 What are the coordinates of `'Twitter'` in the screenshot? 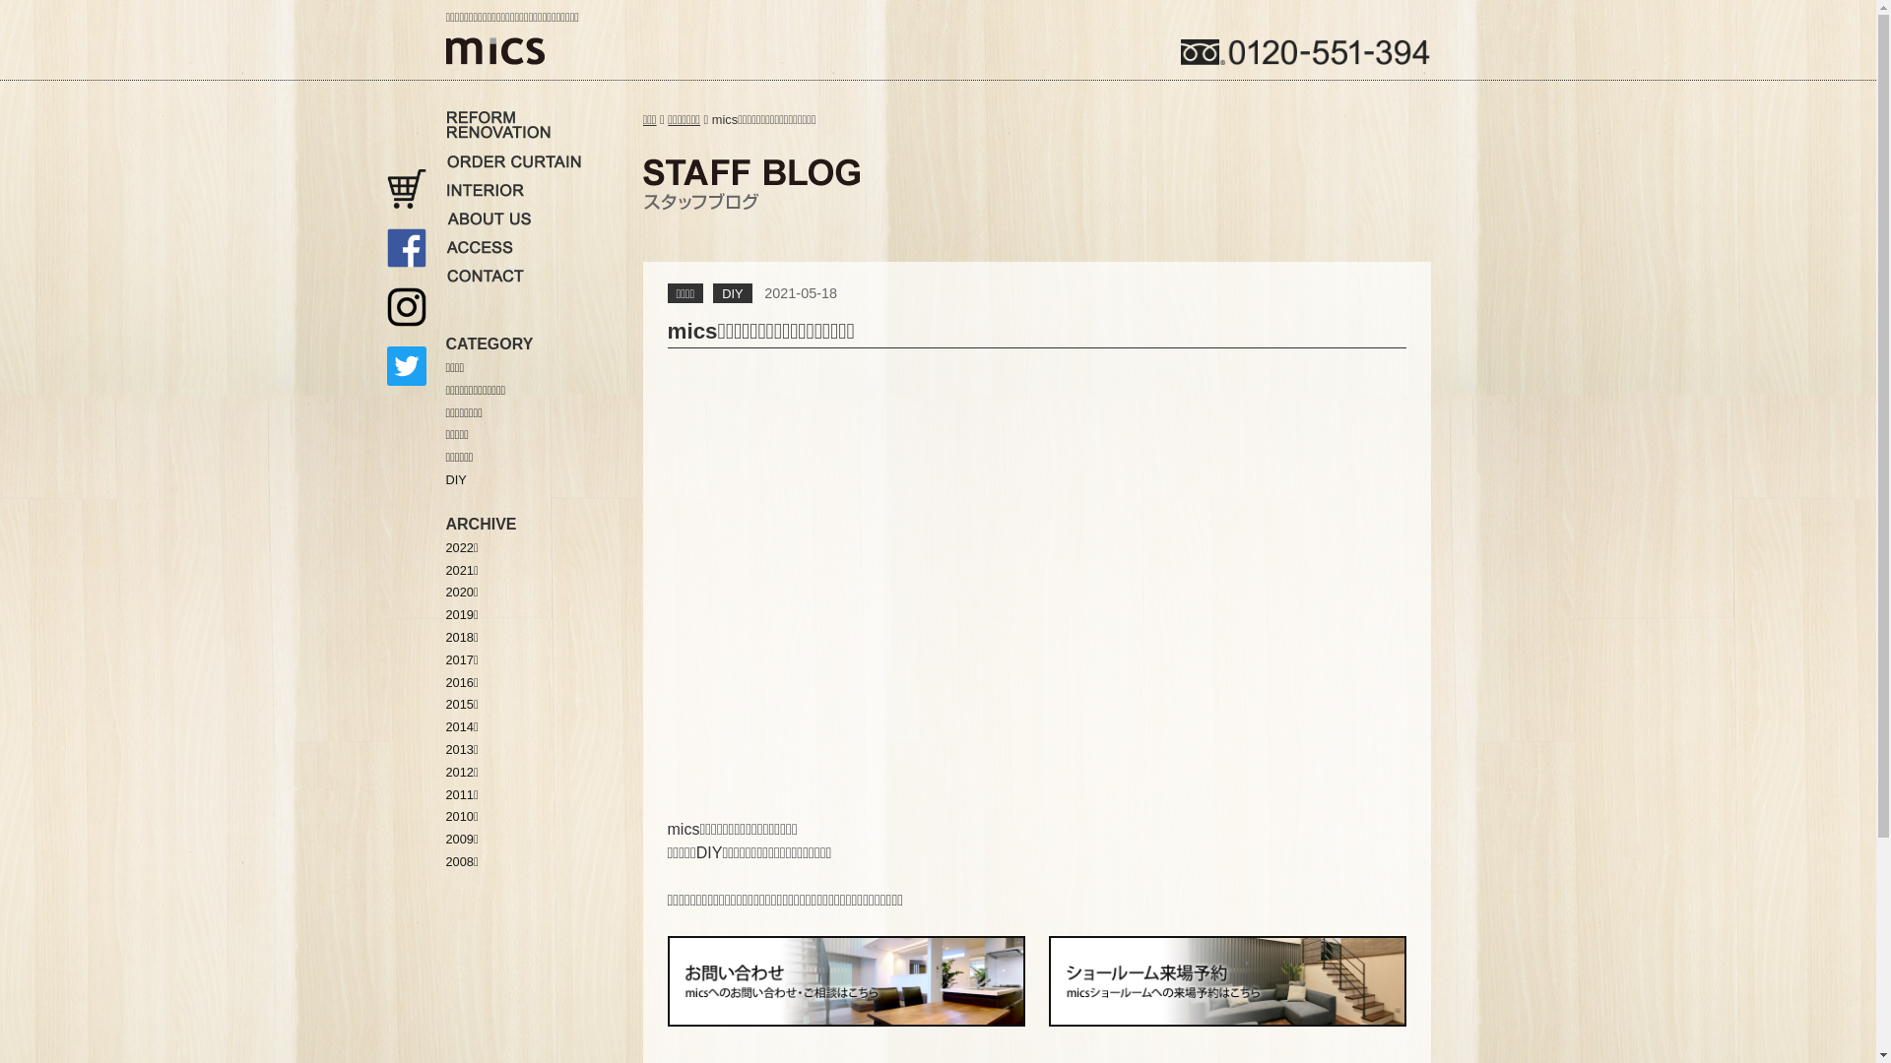 It's located at (405, 365).